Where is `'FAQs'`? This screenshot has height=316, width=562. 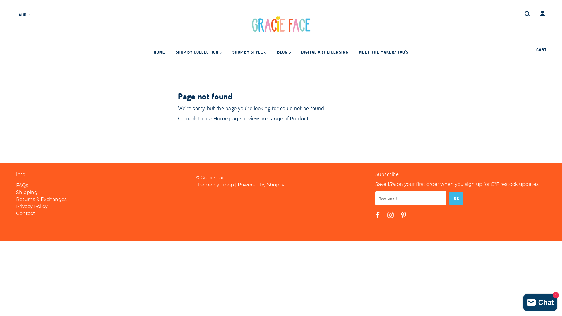
'FAQs' is located at coordinates (22, 185).